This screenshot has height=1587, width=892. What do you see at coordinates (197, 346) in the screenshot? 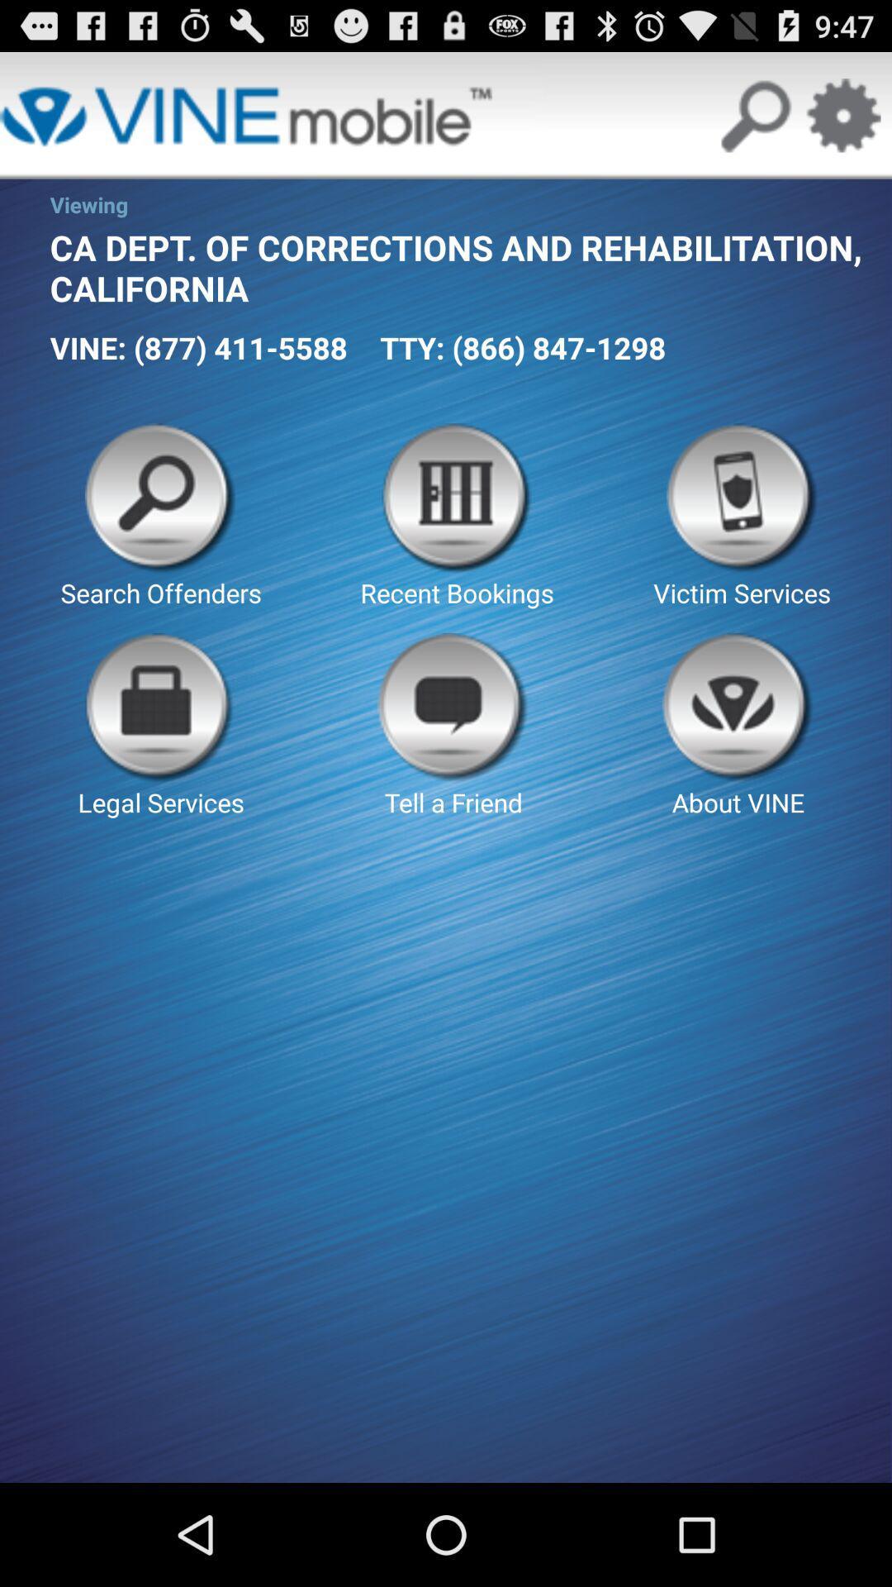
I see `the icon below ca dept of` at bounding box center [197, 346].